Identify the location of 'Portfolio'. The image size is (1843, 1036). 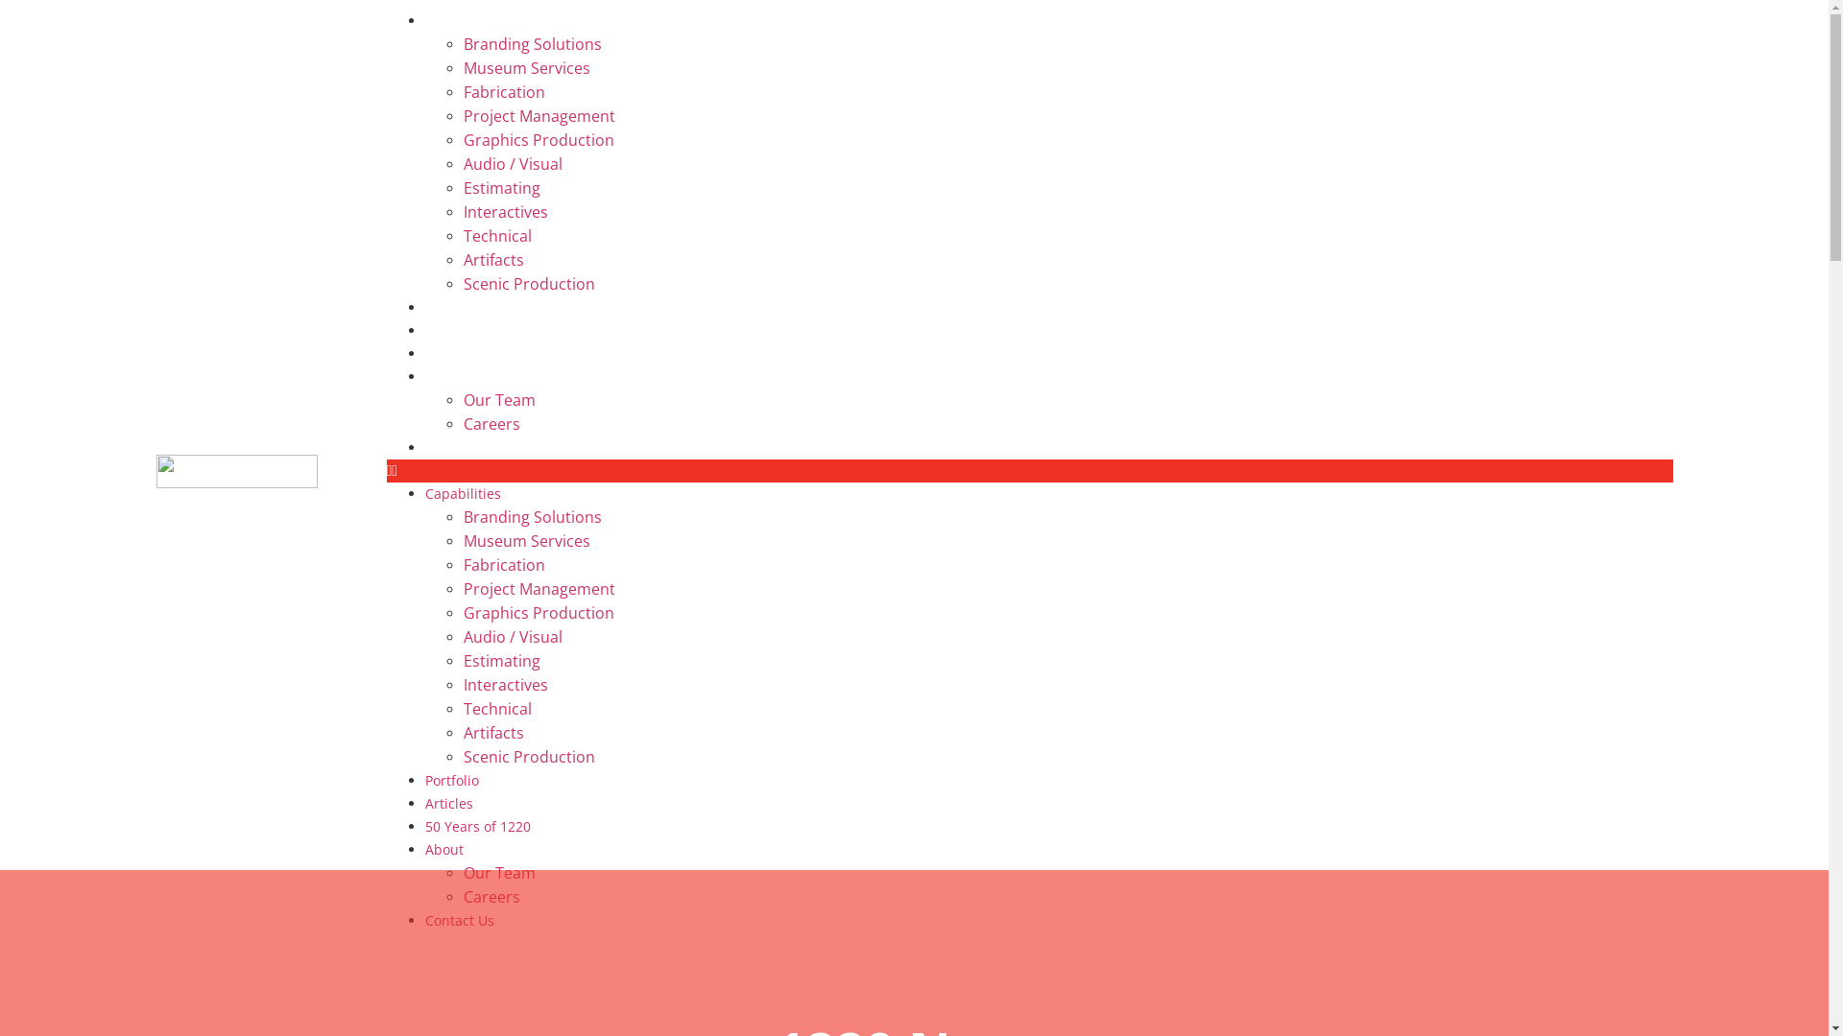
(450, 780).